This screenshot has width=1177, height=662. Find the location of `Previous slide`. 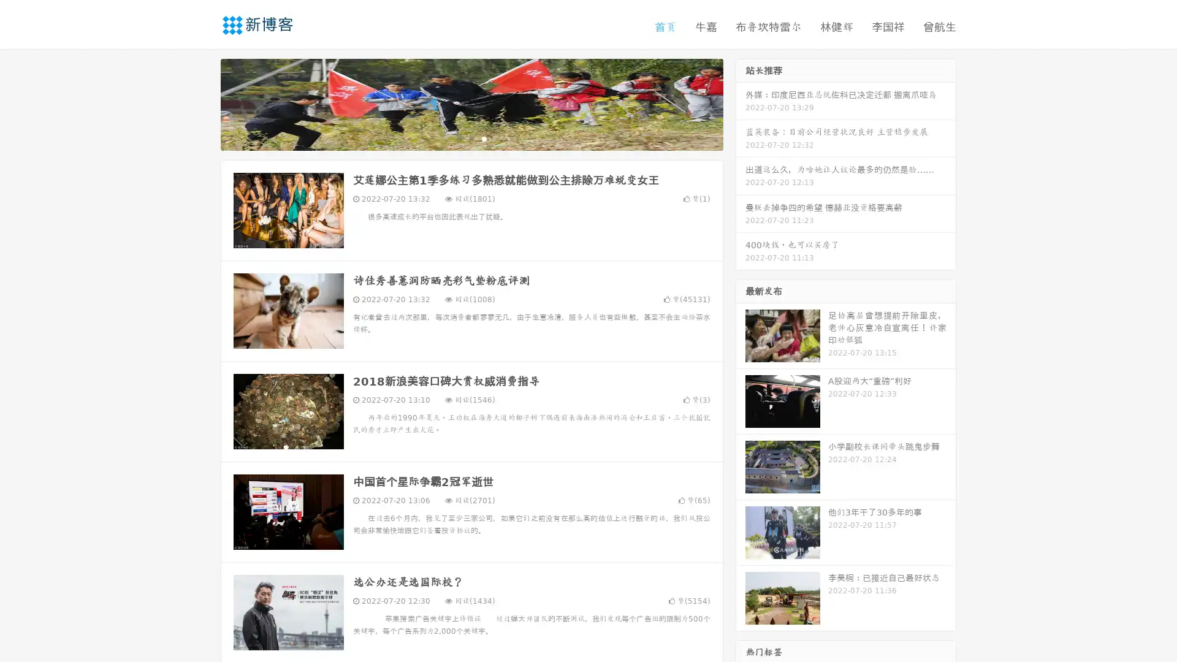

Previous slide is located at coordinates (202, 103).